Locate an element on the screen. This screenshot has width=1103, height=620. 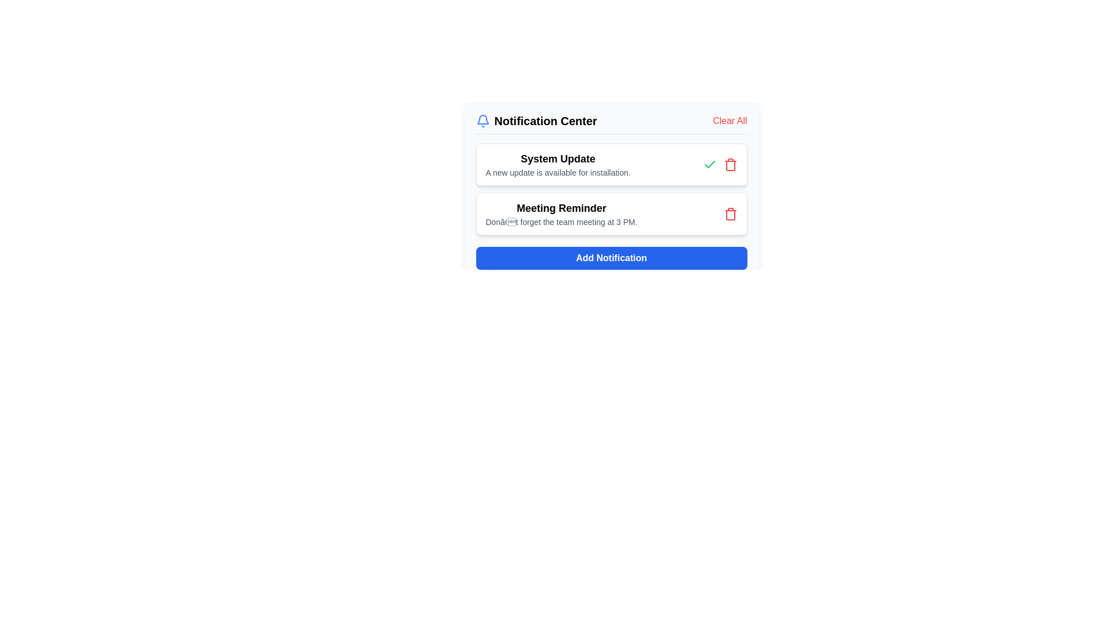
the text label that provides additional details regarding the associated notification beneath the title 'System Update' in the Notification Center panel is located at coordinates (558, 172).